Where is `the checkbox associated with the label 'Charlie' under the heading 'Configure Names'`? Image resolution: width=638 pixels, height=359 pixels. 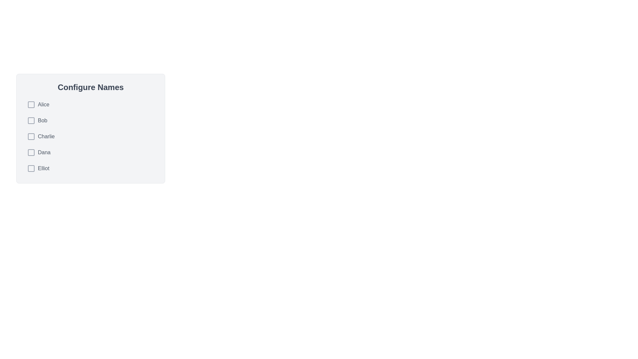 the checkbox associated with the label 'Charlie' under the heading 'Configure Names' is located at coordinates (31, 136).